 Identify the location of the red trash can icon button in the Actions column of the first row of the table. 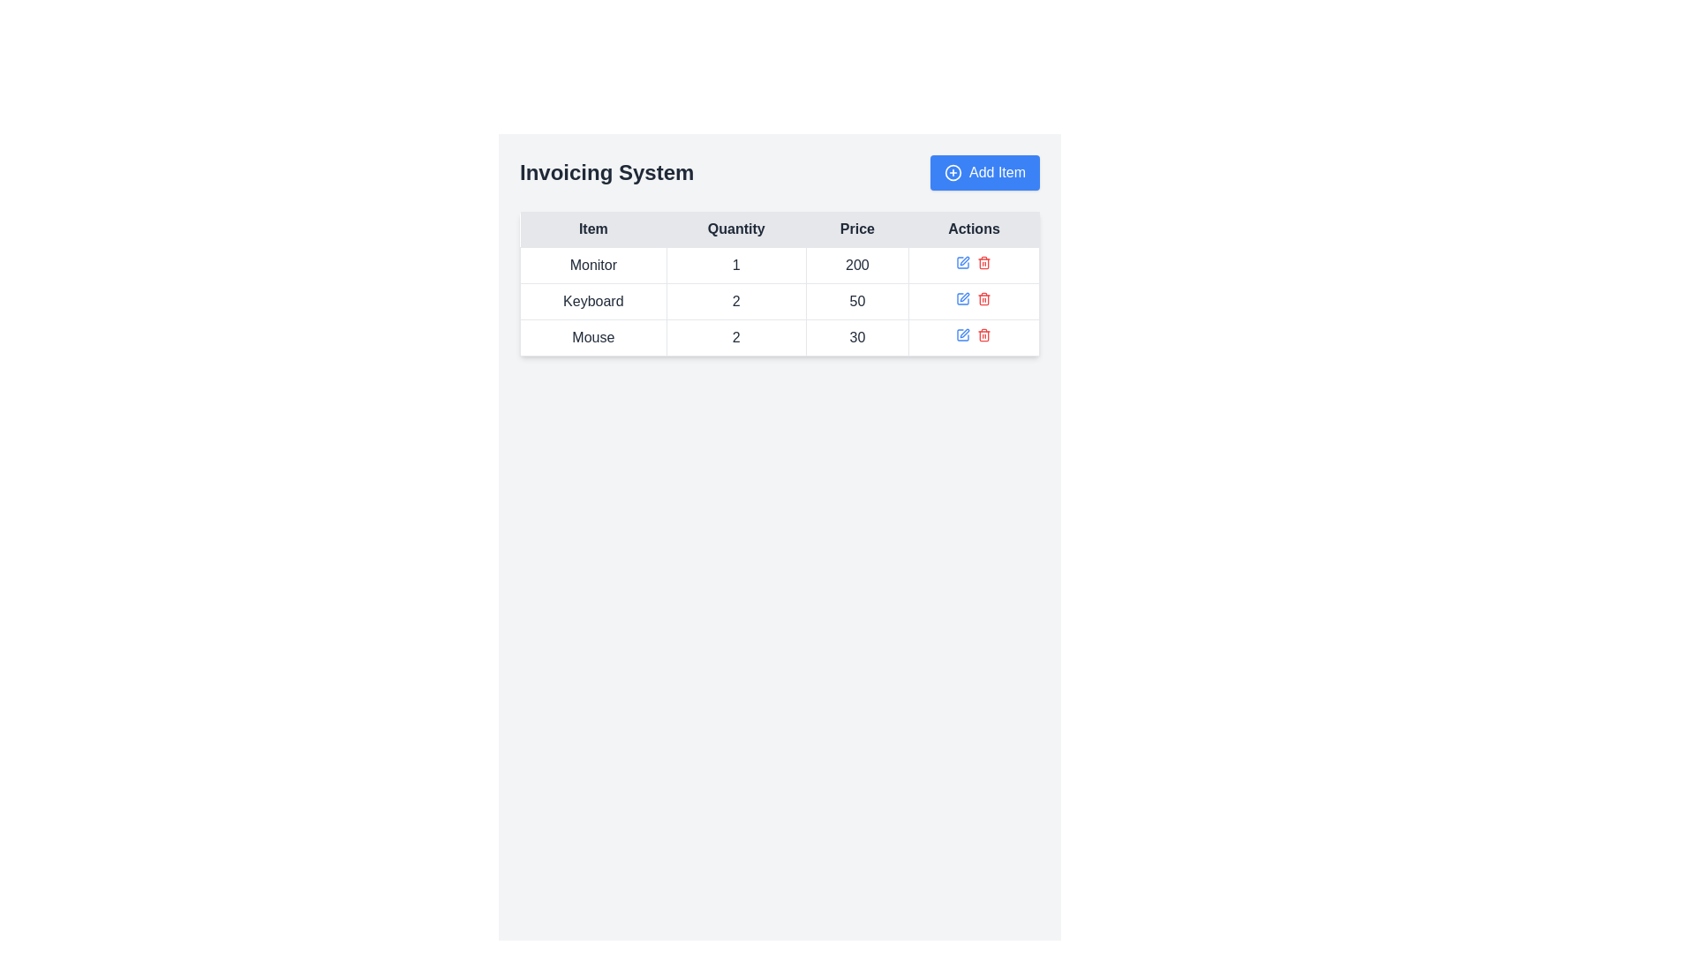
(983, 262).